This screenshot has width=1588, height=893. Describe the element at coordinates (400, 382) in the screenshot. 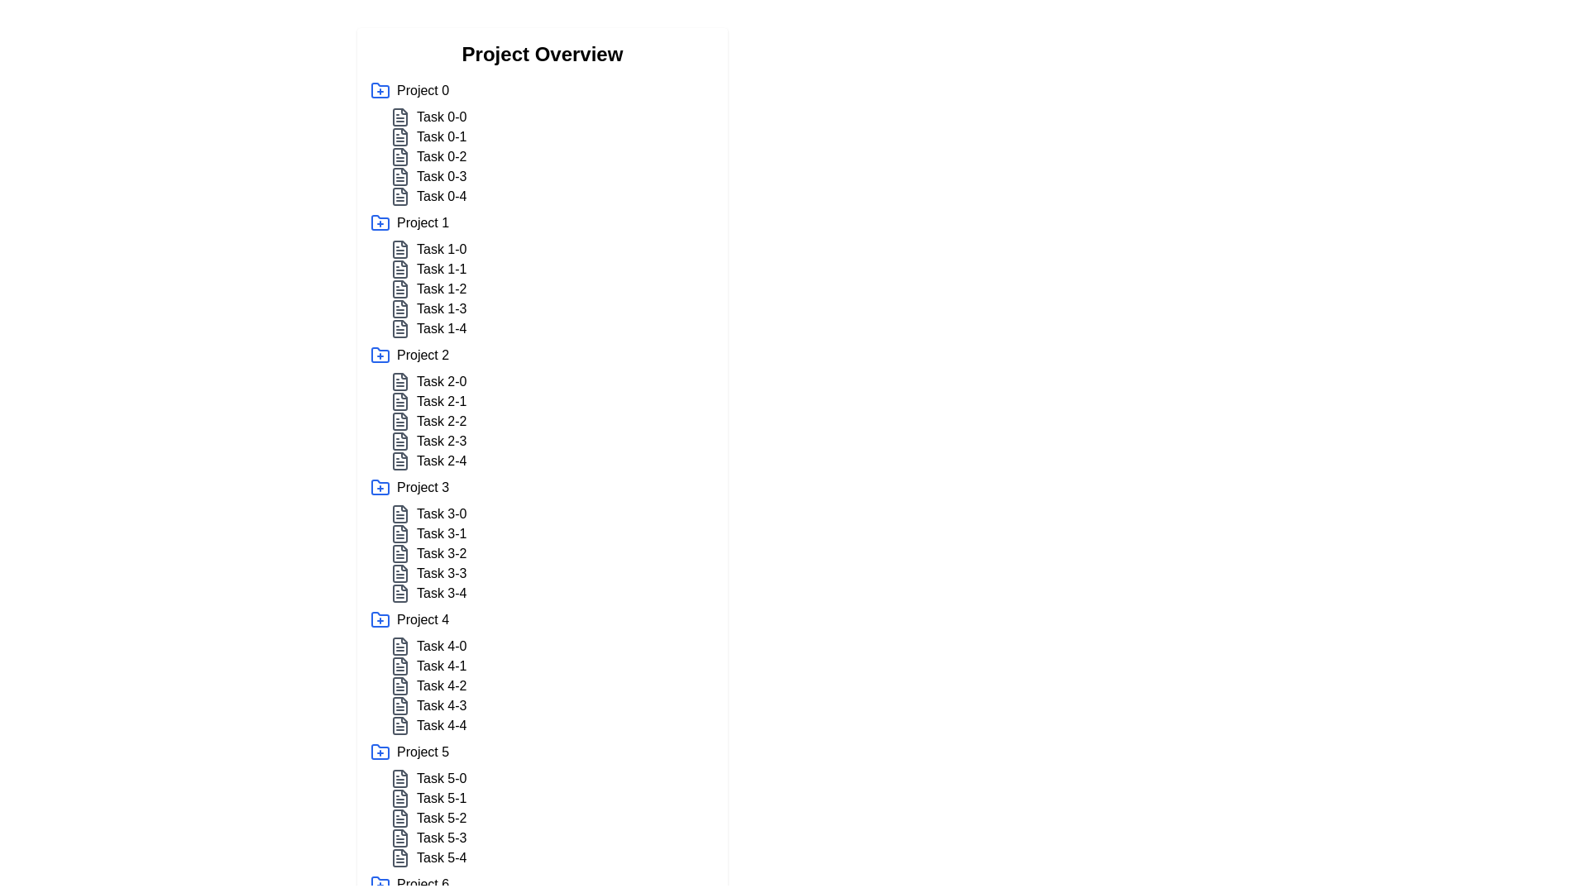

I see `the icon representing the first task item under the 'Project 2' section, which is aligned horizontally with the text 'Task 2-0'` at that location.